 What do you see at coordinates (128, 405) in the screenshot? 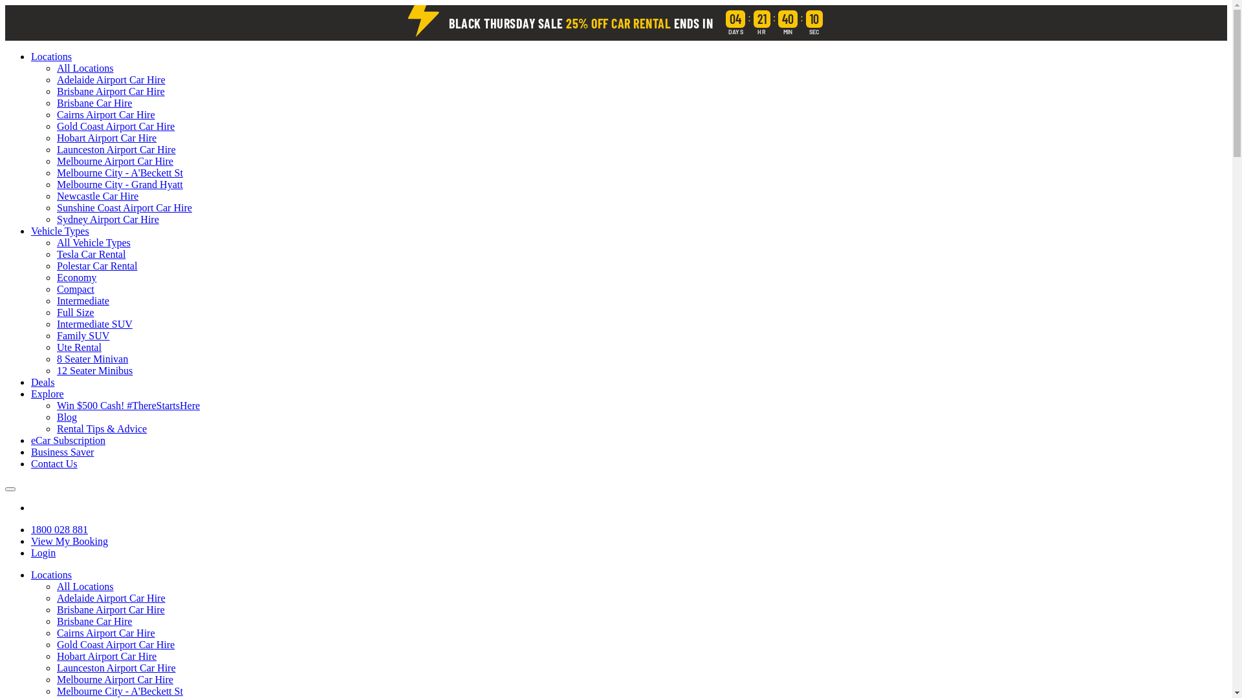
I see `'Win $500 Cash! #ThereStartsHere'` at bounding box center [128, 405].